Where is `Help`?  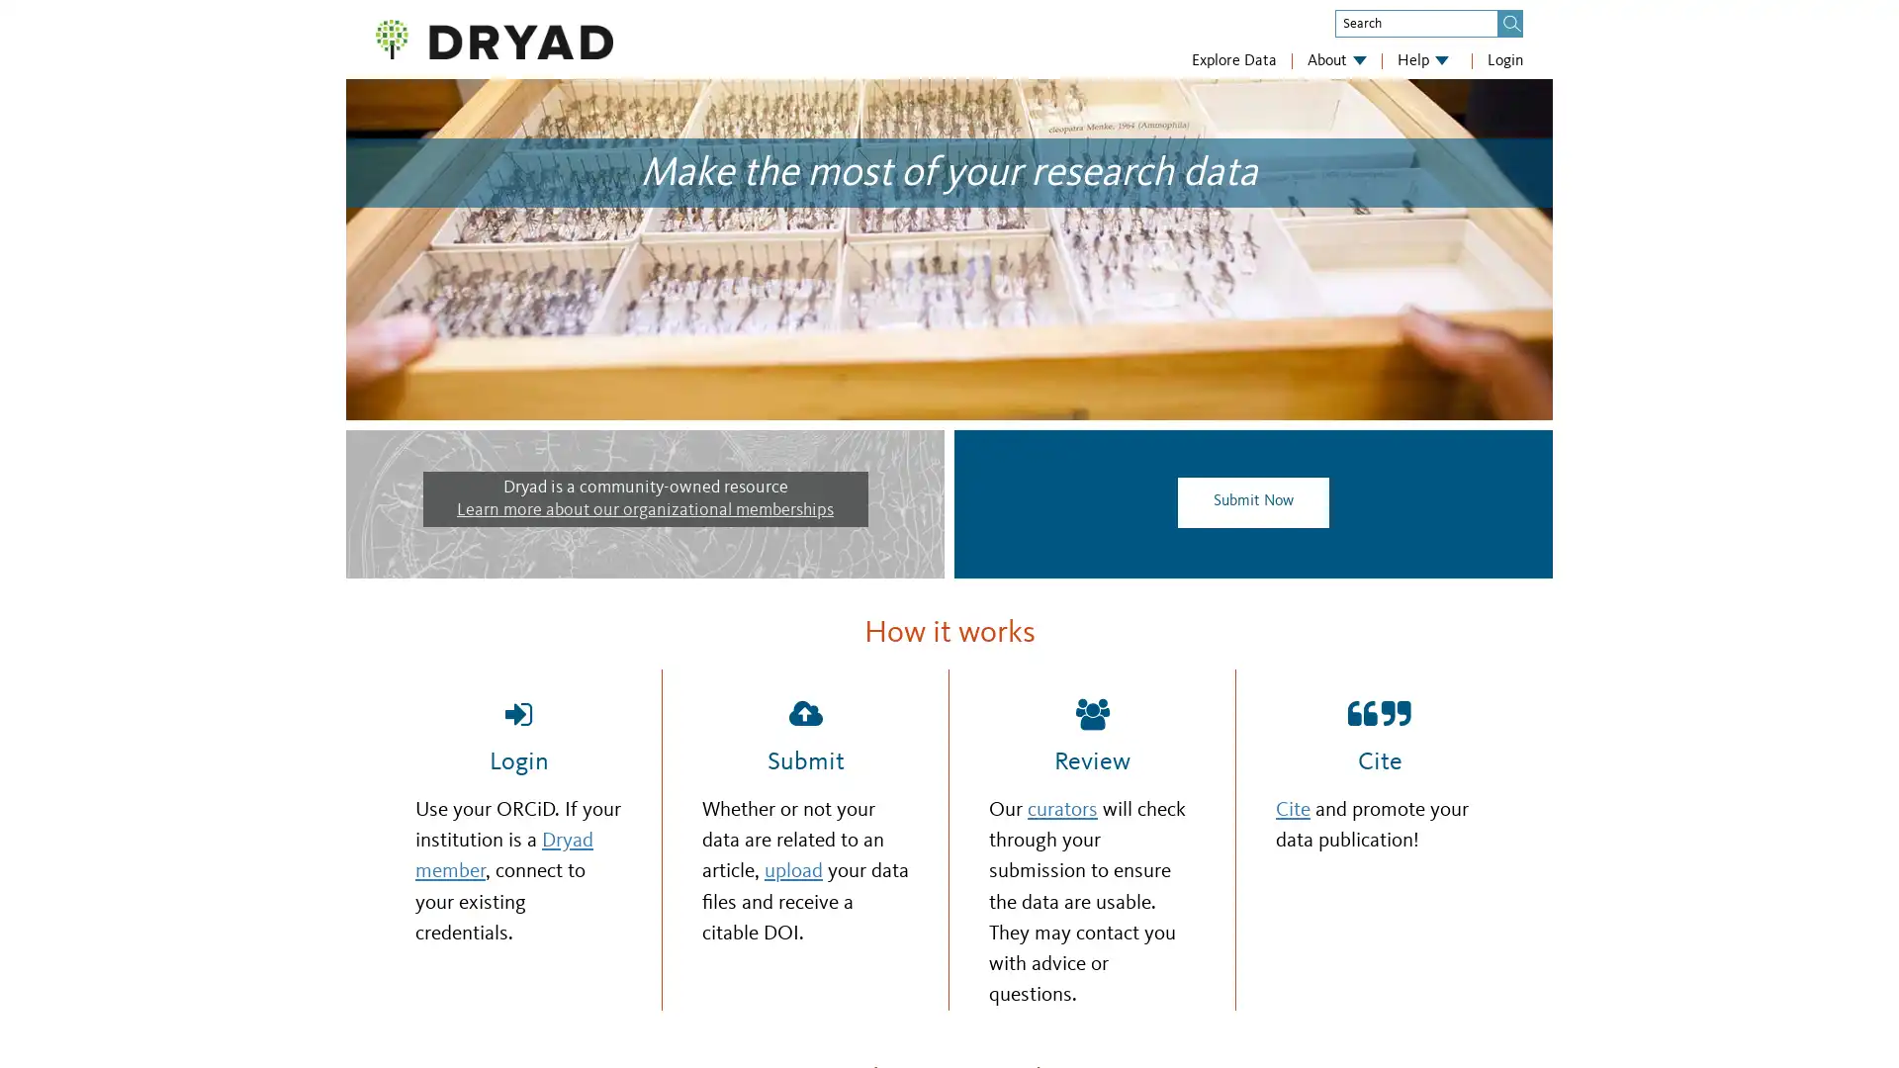 Help is located at coordinates (1422, 59).